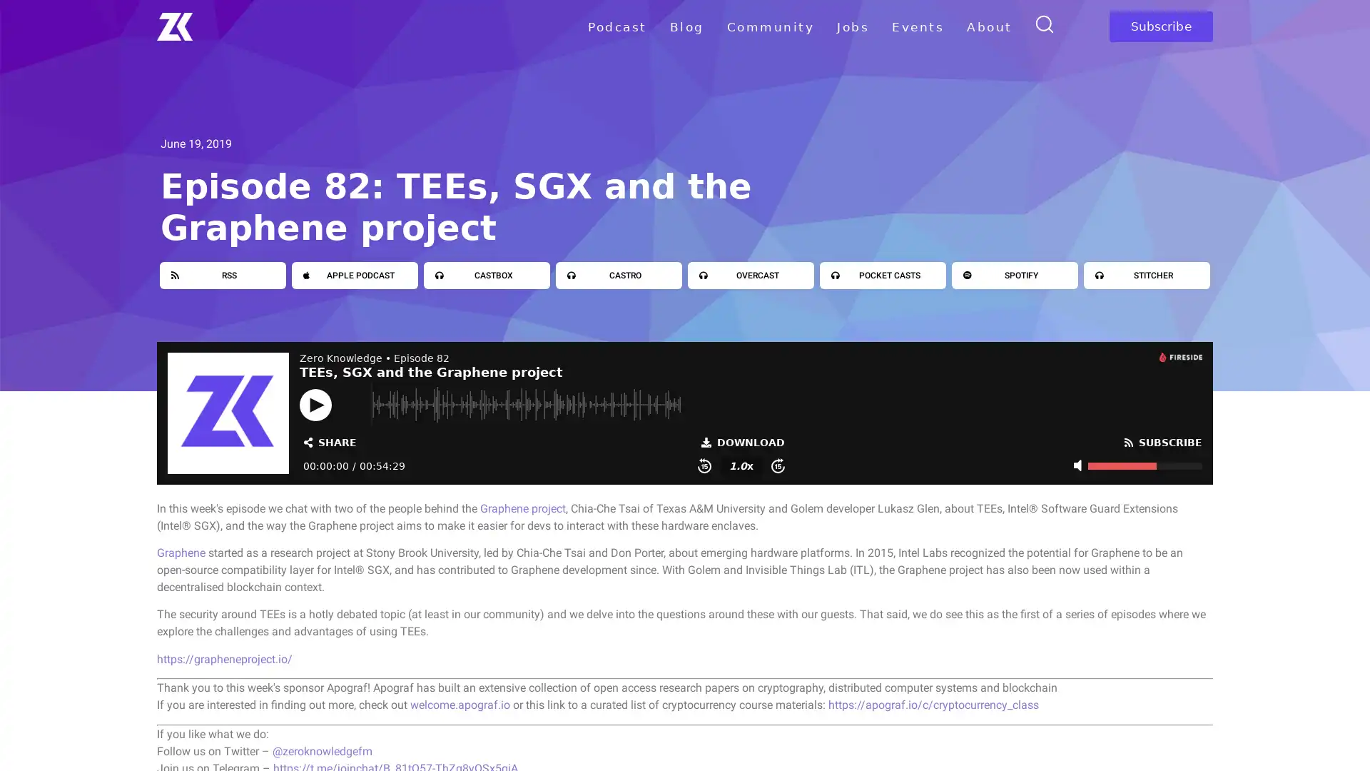 The height and width of the screenshot is (771, 1370). I want to click on RSS, so click(222, 275).